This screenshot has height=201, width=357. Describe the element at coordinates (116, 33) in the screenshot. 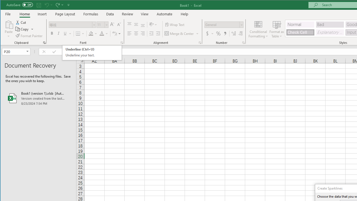

I see `'Show Phonetic Field'` at that location.